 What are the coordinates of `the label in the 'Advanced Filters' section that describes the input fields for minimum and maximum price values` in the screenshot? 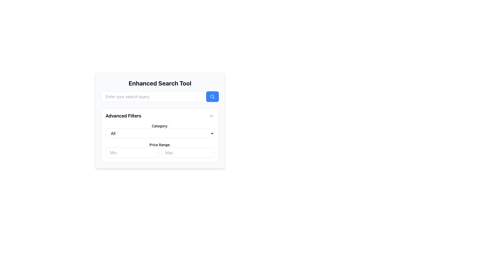 It's located at (160, 145).